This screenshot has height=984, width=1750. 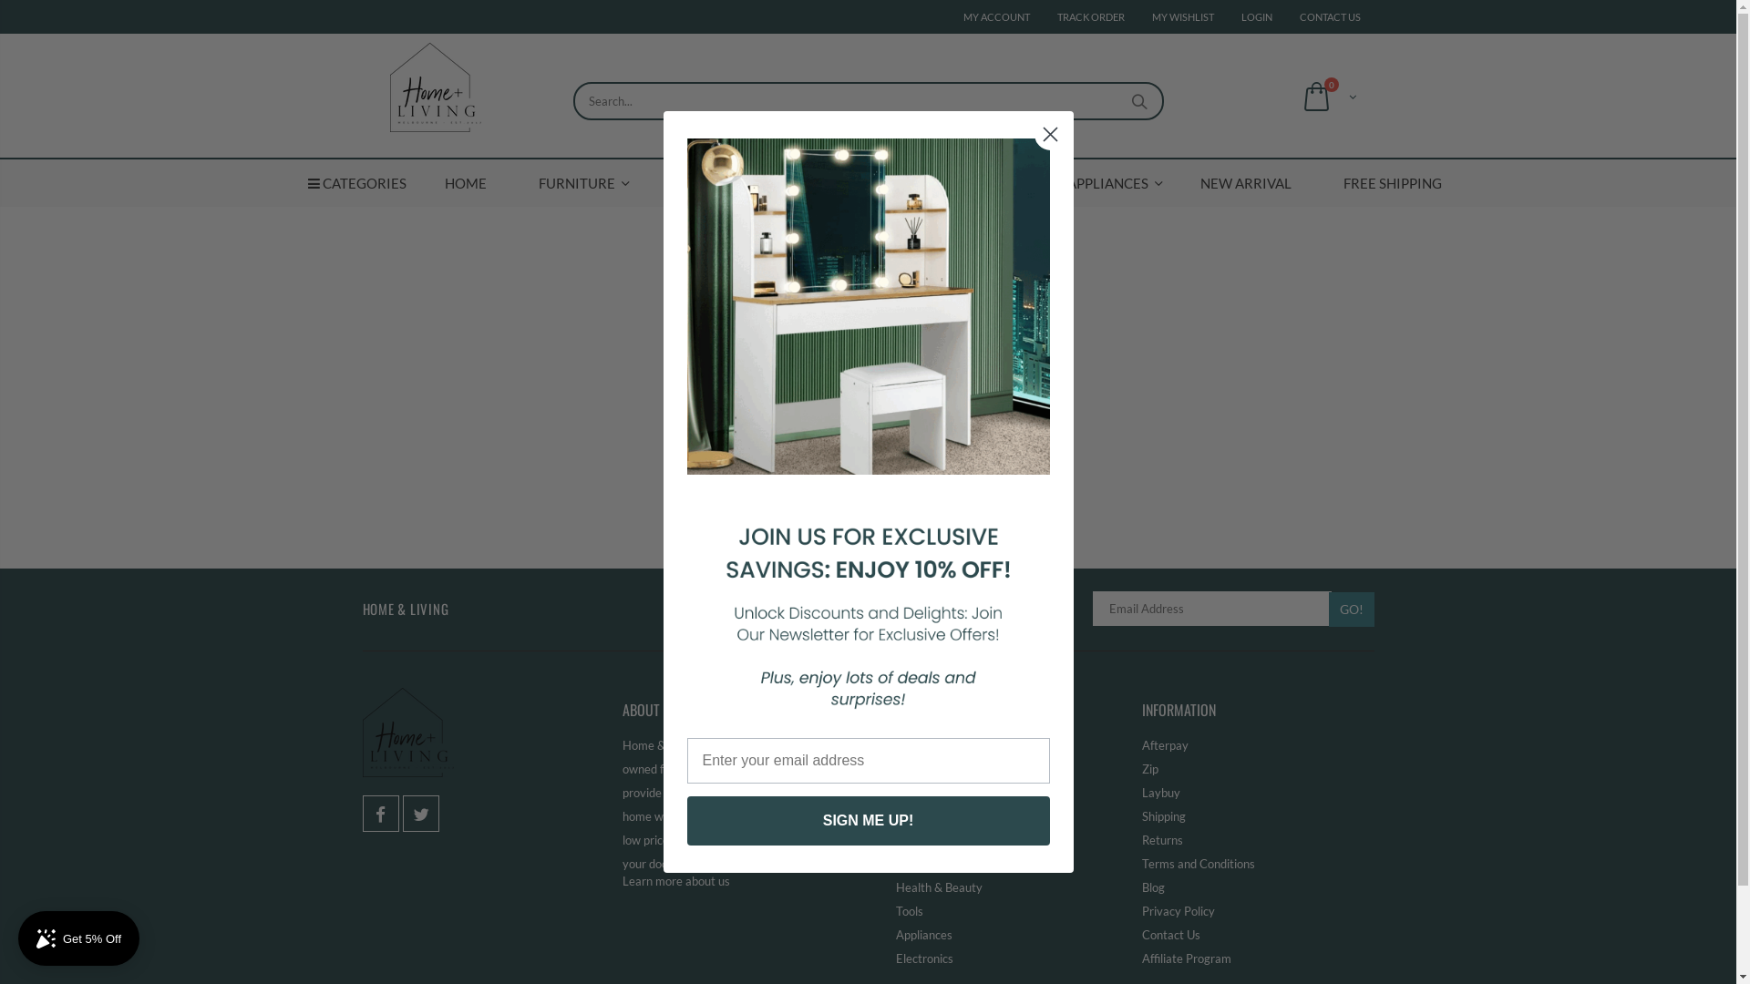 I want to click on 'Affiliate Program', so click(x=1185, y=958).